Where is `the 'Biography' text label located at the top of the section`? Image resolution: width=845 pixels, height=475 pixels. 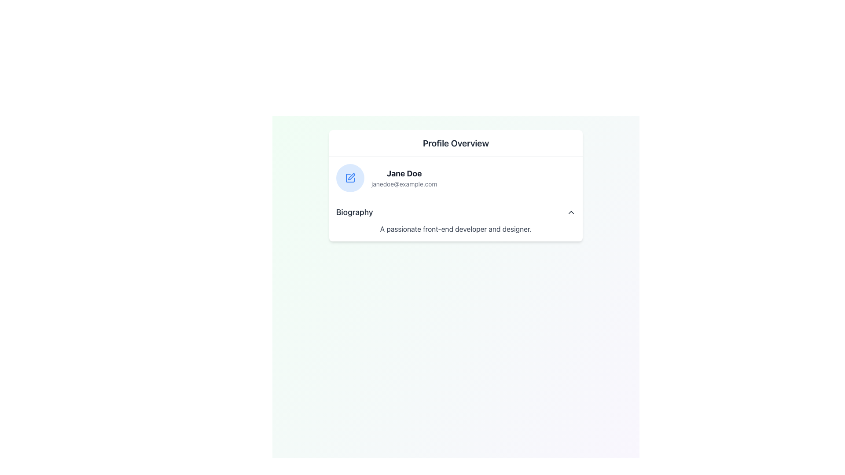
the 'Biography' text label located at the top of the section is located at coordinates (354, 212).